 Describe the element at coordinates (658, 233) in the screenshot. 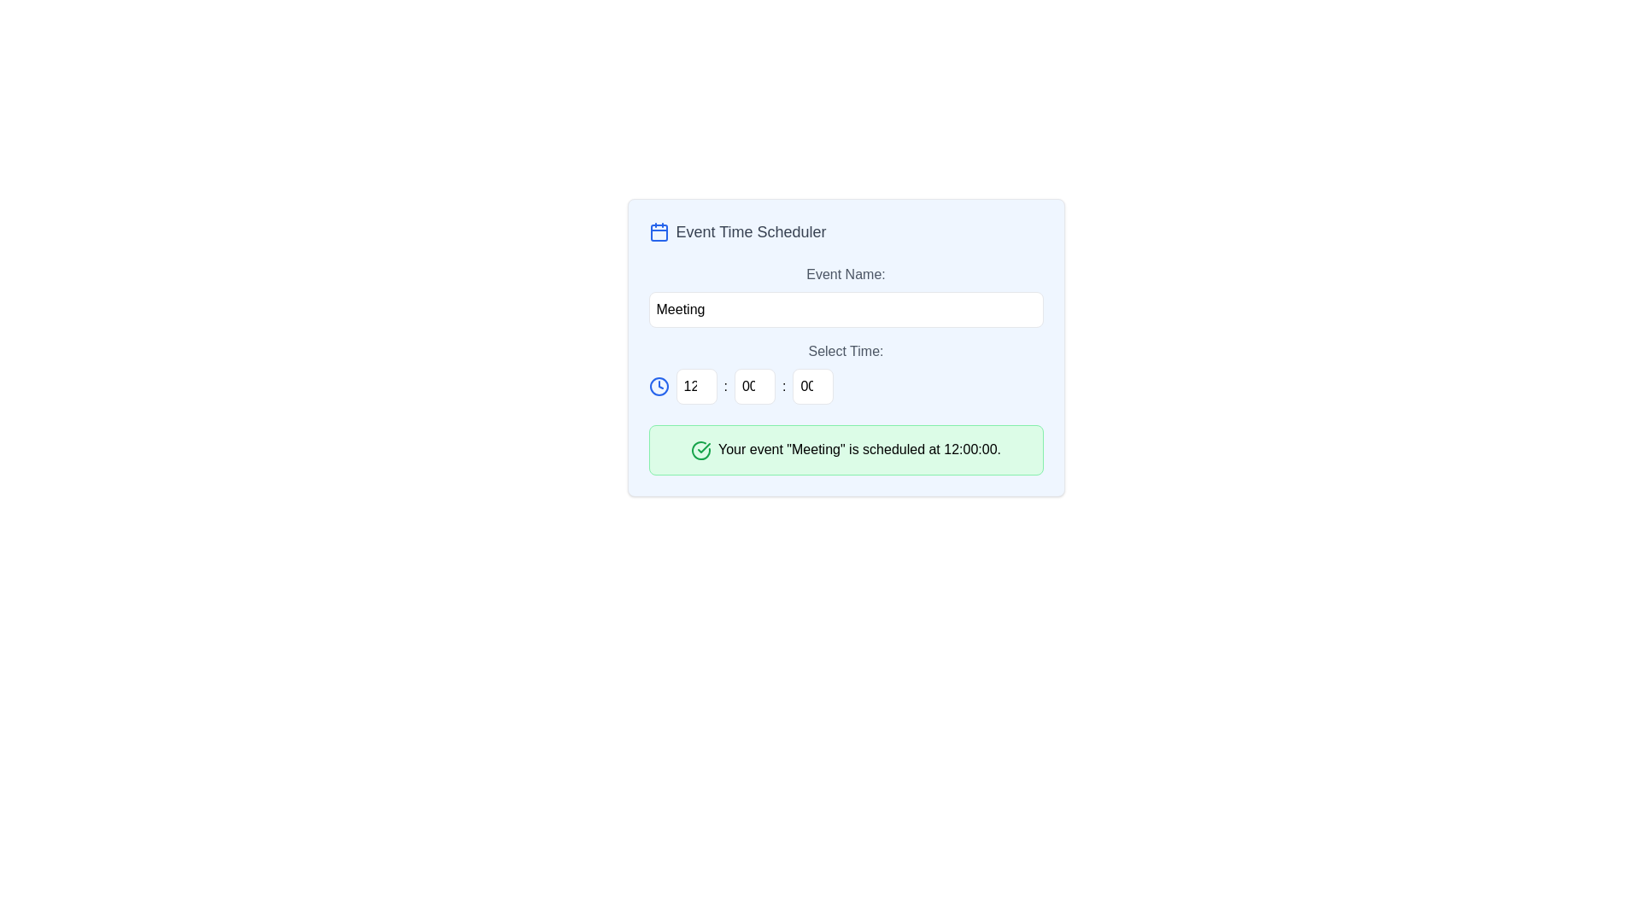

I see `the inner rectangular element of the calendar icon, which is part of a multi-part calendar representation` at that location.